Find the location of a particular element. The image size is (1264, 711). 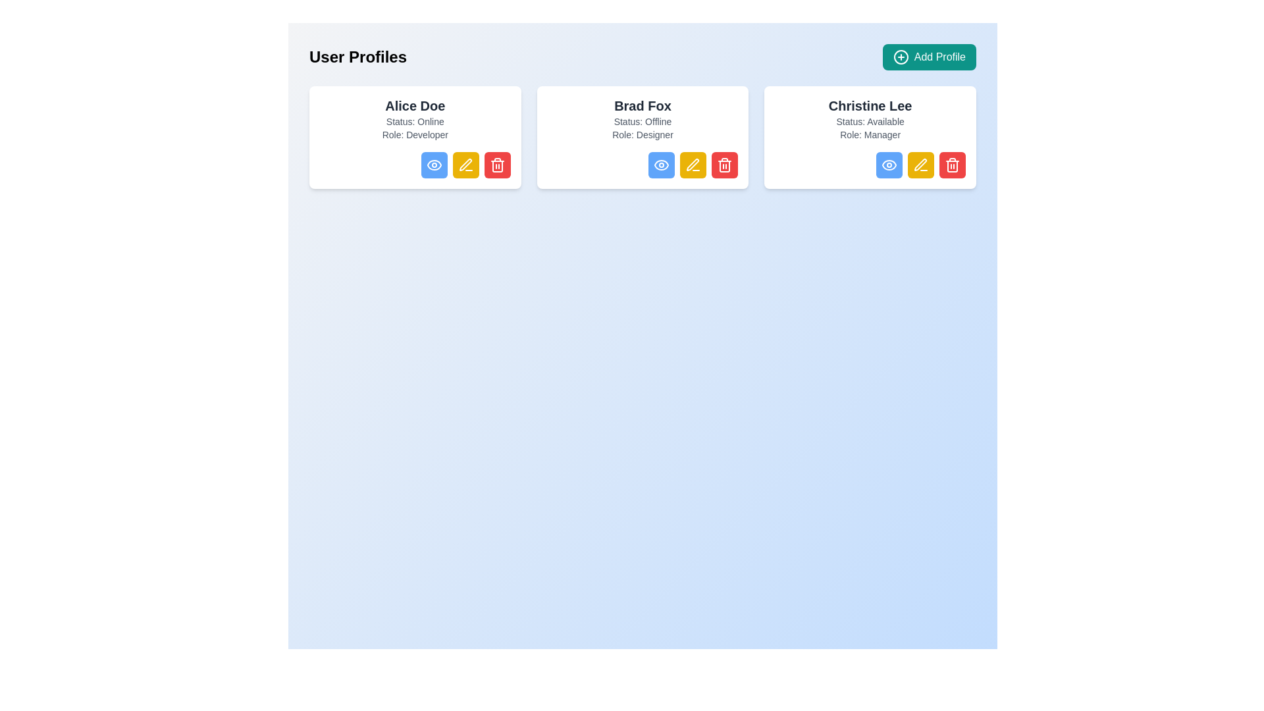

the rounded rectangular button with a blue background and white eye icon located in the bottom-right section of Brad Fox's user profile card for keyboard interaction is located at coordinates (662, 164).